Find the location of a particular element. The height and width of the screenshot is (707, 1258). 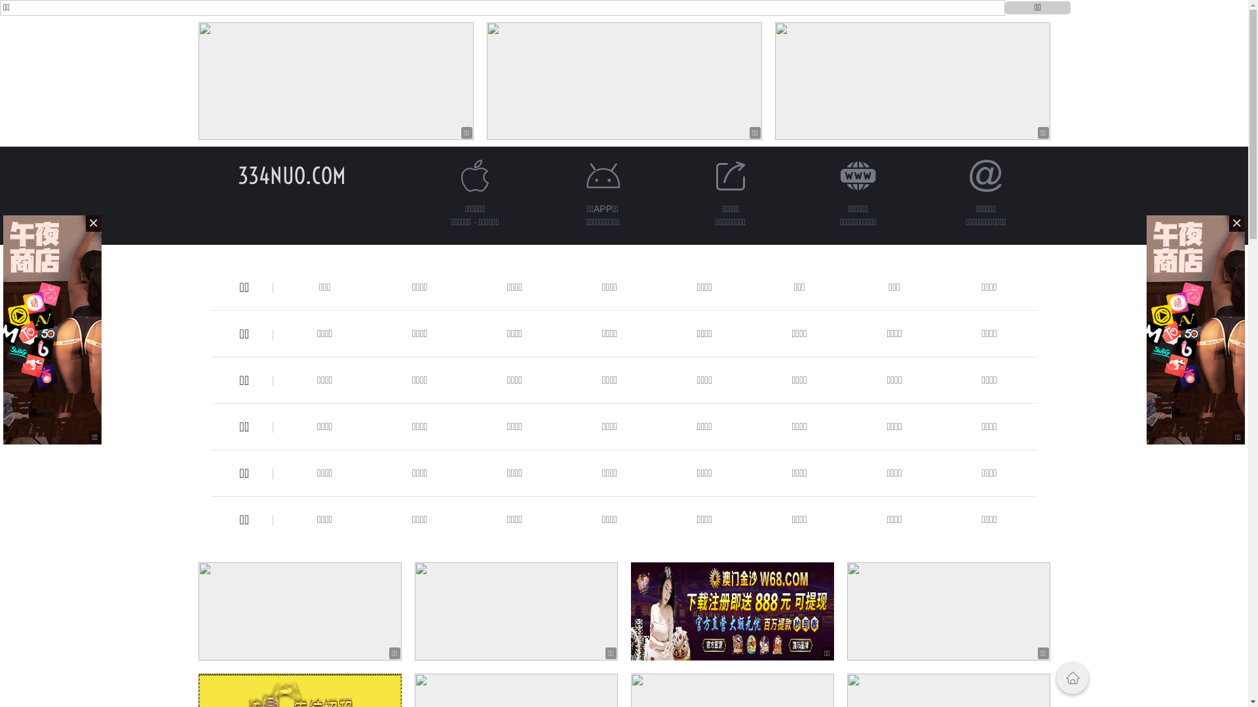

'334NUO.COM' is located at coordinates (238, 175).